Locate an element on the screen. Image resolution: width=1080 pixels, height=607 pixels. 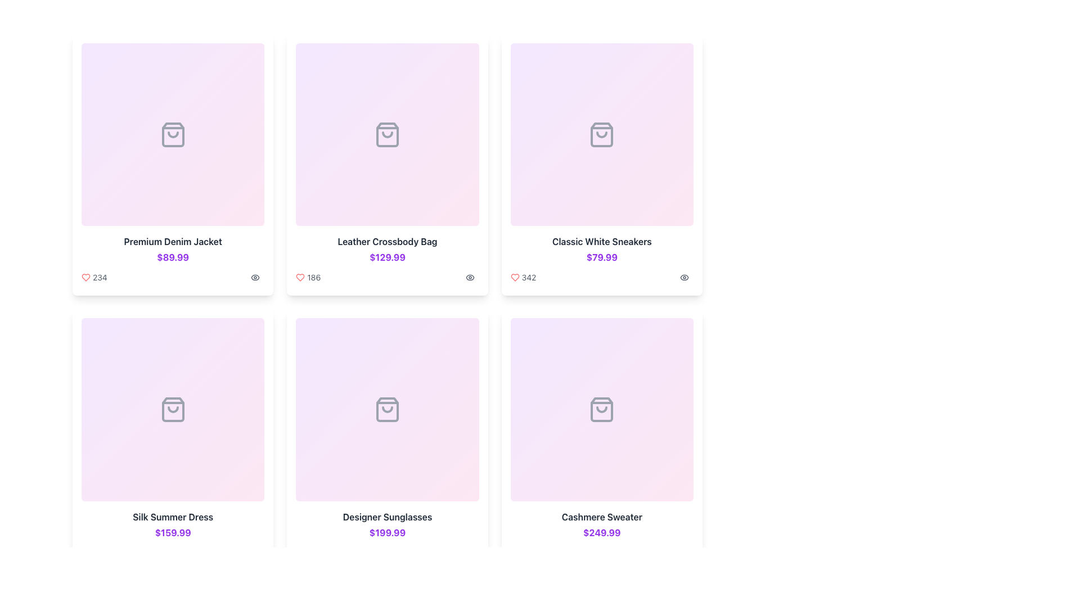
the eye-shaped icon button located at the bottom-right corner of the product card for 'Leather Crossbody Bag' is located at coordinates (470, 278).